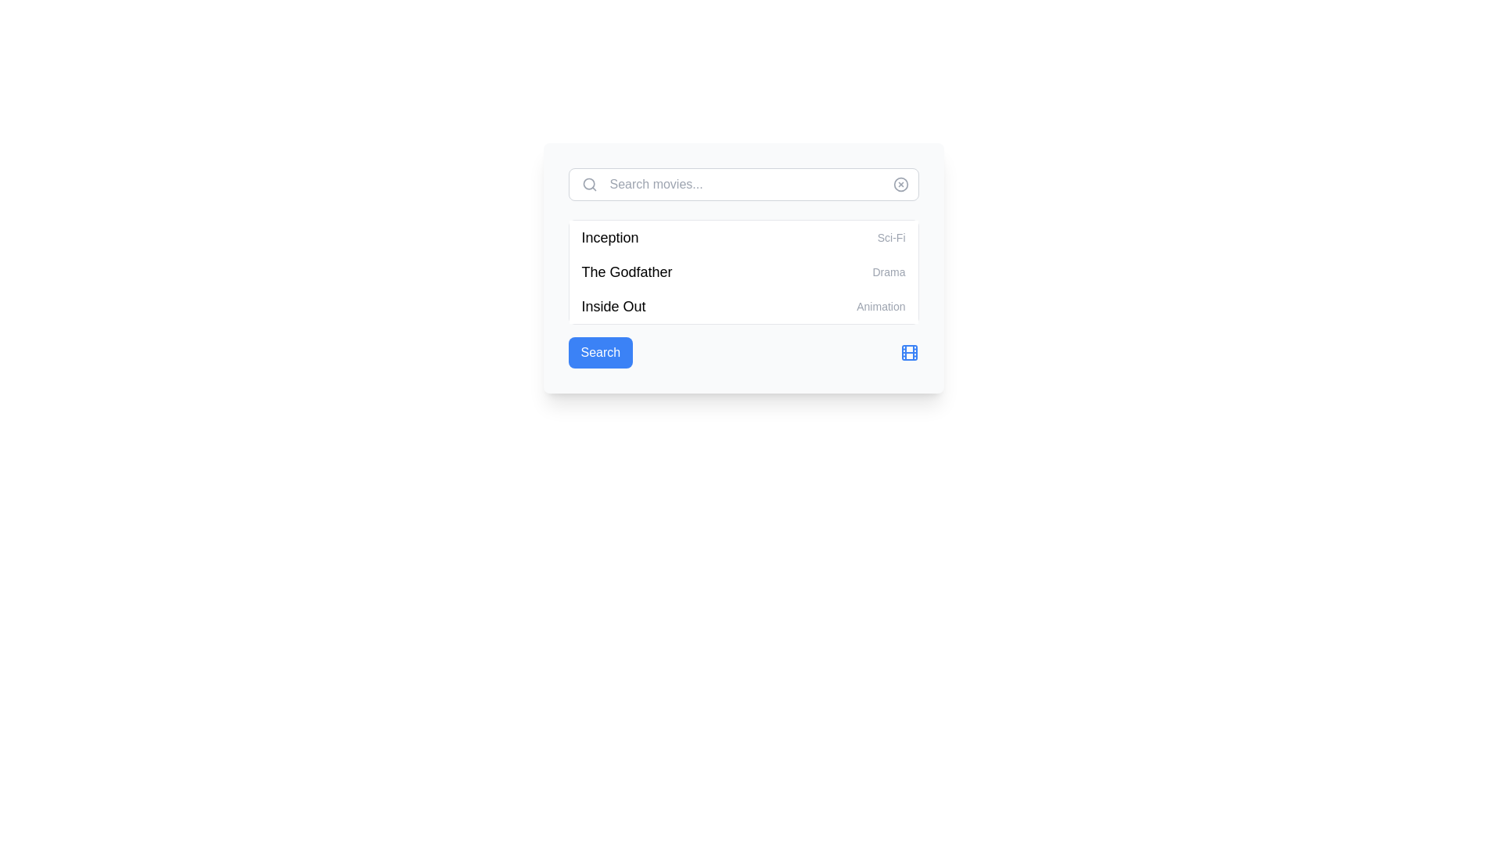 The image size is (1502, 845). What do you see at coordinates (881, 307) in the screenshot?
I see `the small light gray text label reading 'Animation' that is positioned to the right of the 'Inside Out' title in the movie options list` at bounding box center [881, 307].